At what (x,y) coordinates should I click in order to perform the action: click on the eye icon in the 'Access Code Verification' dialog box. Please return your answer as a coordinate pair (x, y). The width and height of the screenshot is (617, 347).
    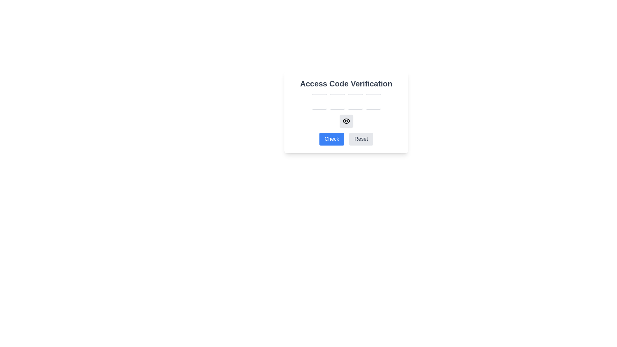
    Looking at the image, I should click on (346, 121).